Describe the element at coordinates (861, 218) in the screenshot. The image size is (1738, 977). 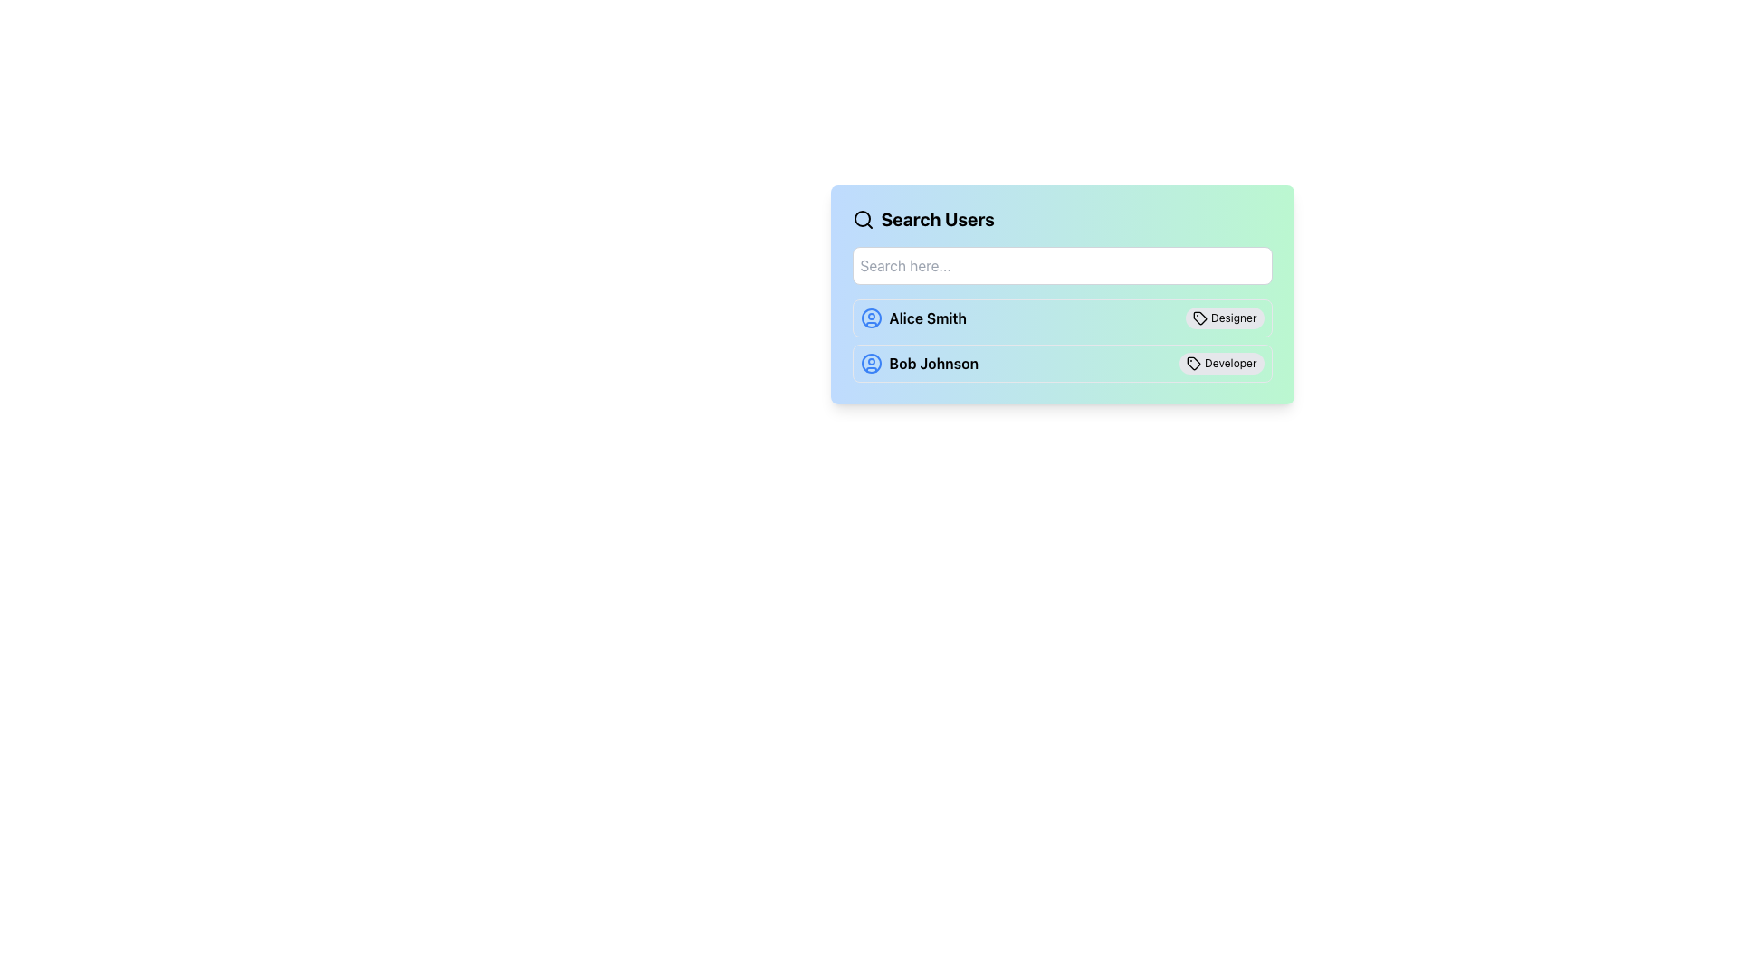
I see `the circular element within the magnifying glass icon, which is located at the top left of the search input bar` at that location.